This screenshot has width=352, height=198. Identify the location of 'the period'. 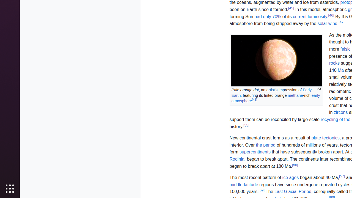
(266, 144).